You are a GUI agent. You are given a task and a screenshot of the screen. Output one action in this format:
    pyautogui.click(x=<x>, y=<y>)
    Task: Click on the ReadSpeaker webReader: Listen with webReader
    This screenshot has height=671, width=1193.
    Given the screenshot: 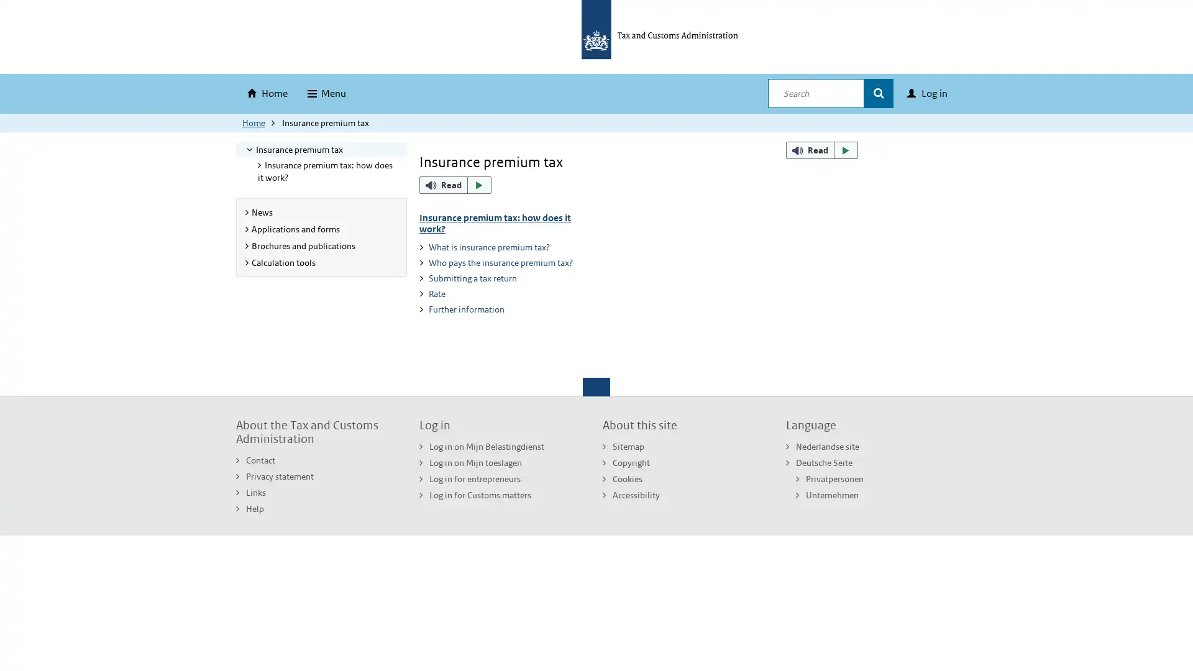 What is the action you would take?
    pyautogui.click(x=455, y=185)
    